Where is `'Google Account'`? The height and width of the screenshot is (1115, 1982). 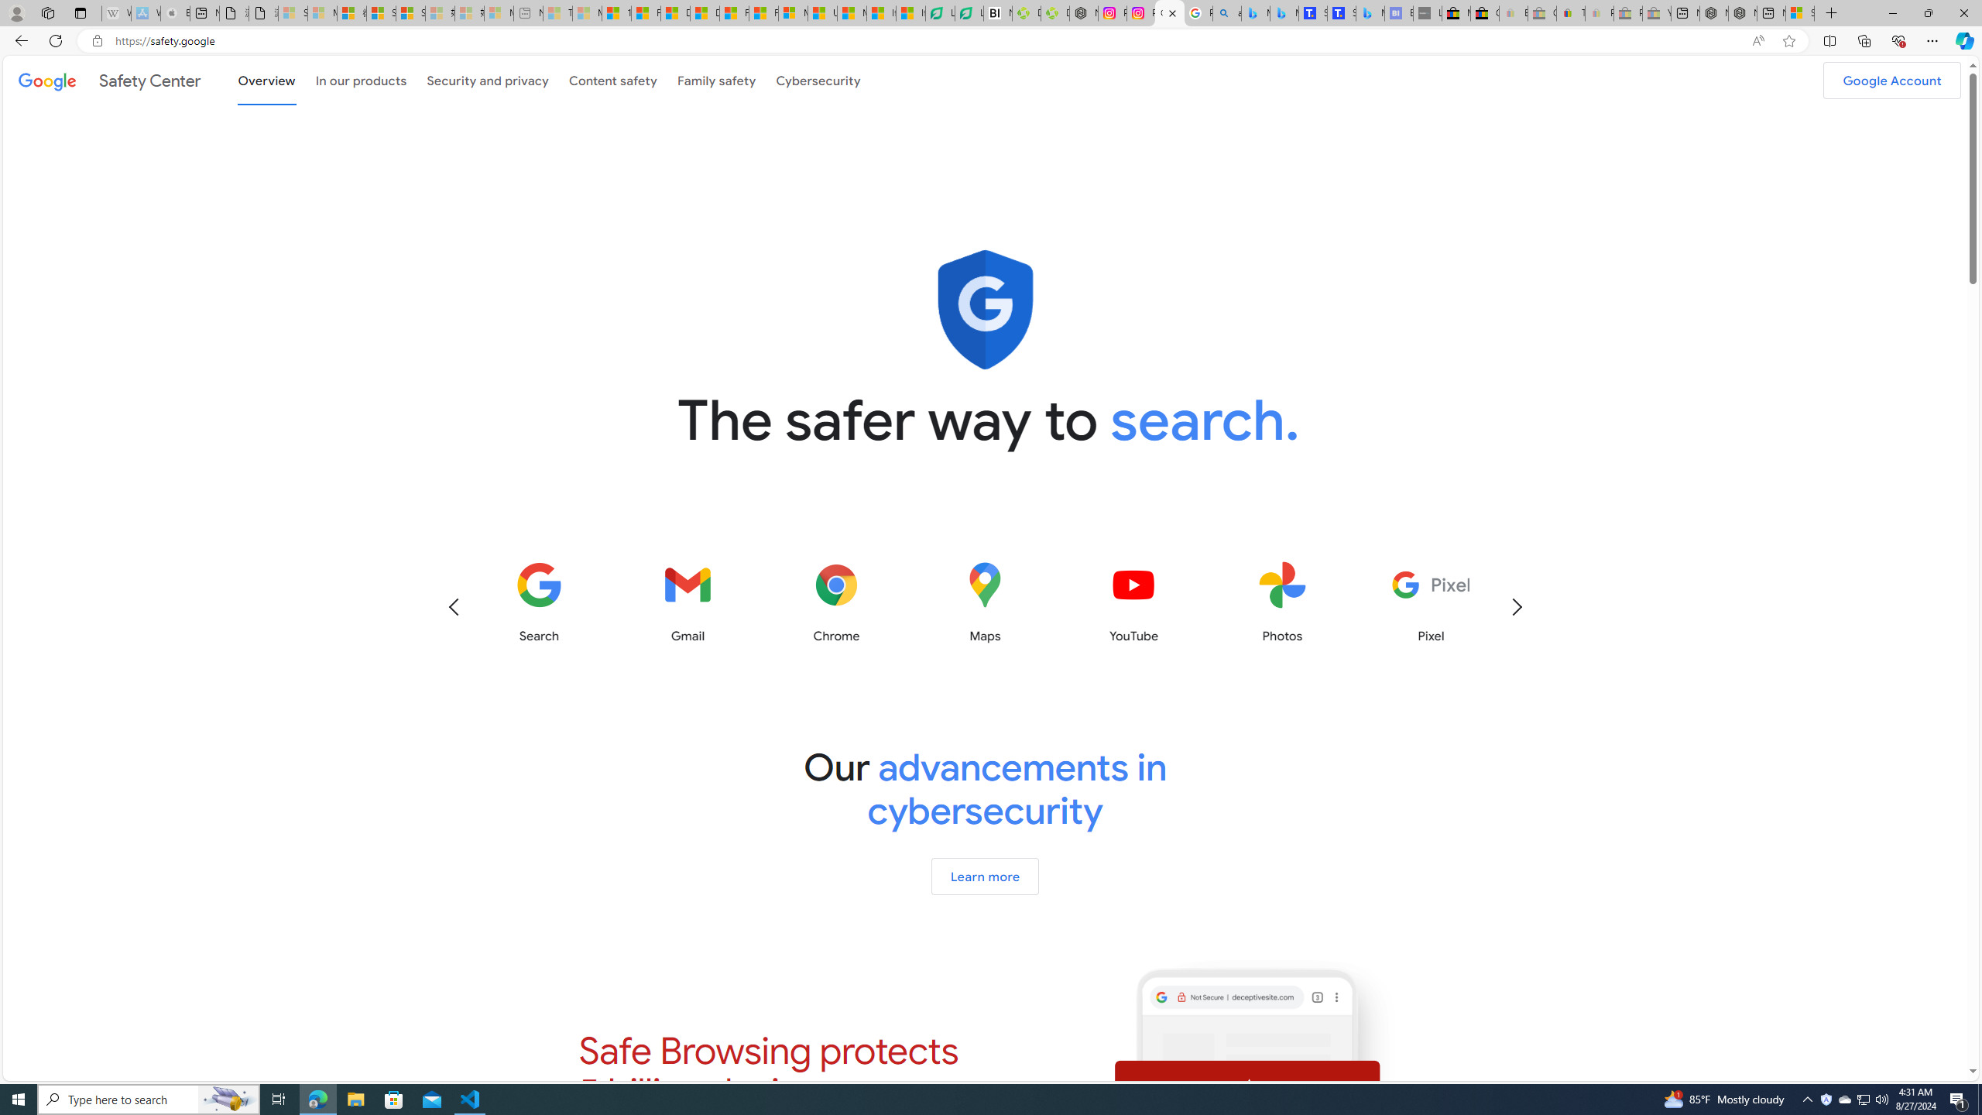
'Google Account' is located at coordinates (1891, 80).